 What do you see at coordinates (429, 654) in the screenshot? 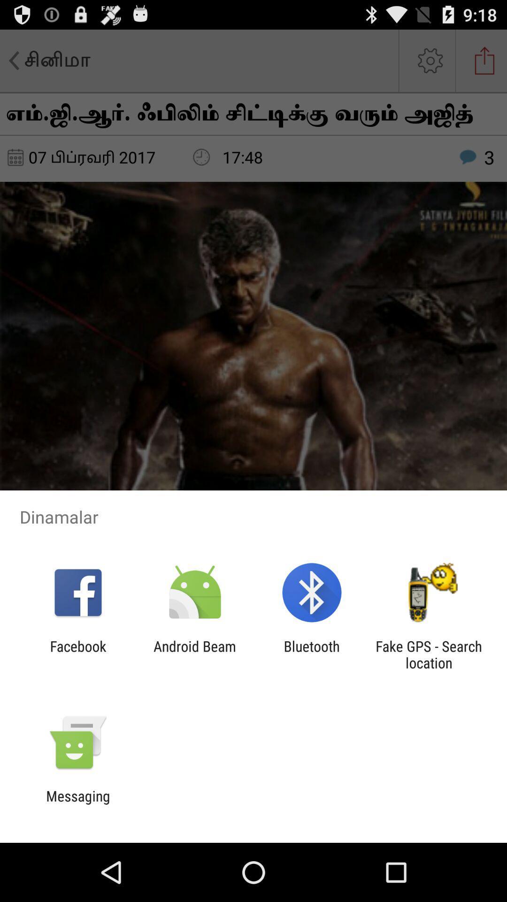
I see `fake gps search app` at bounding box center [429, 654].